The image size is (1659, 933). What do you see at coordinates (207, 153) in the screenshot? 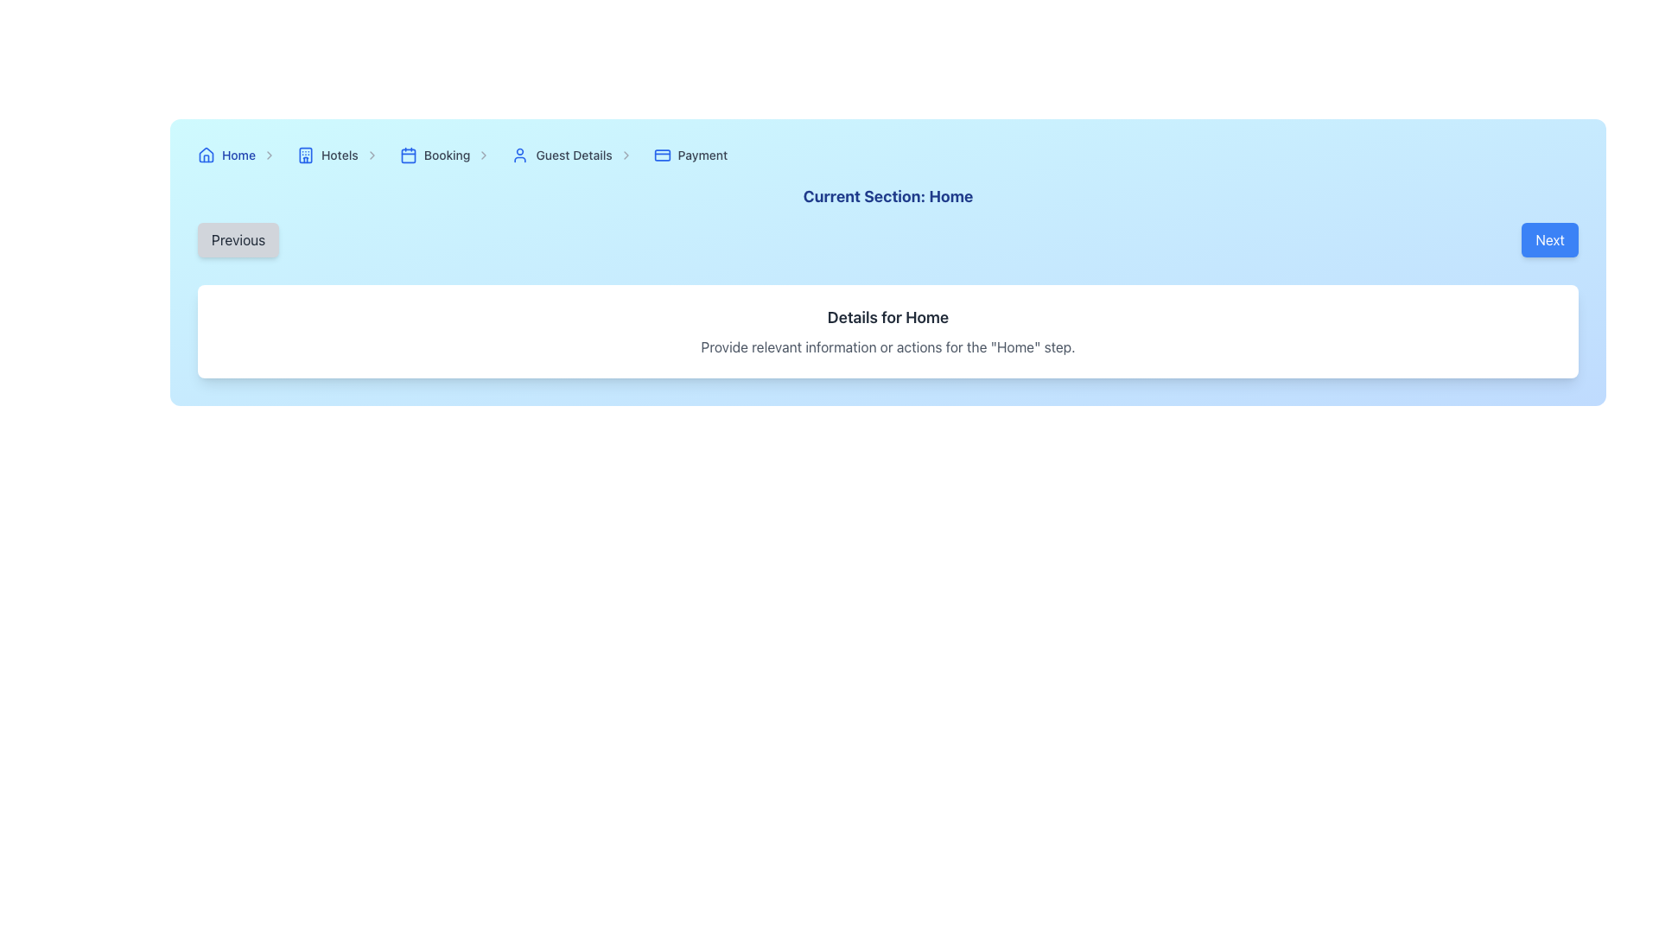
I see `the house icon in the breadcrumb navigation bar` at bounding box center [207, 153].